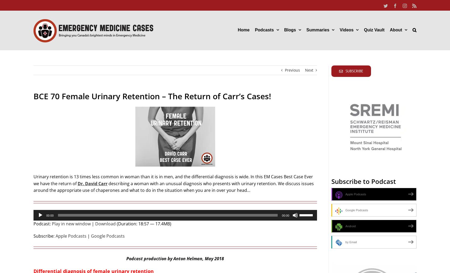 The height and width of the screenshot is (273, 450). Describe the element at coordinates (173, 180) in the screenshot. I see `'Urinary retention is 13 times less common in woman than it is in men, and the differential diagnosis is wide. In this EM Cases Best Case Ever we have the return of'` at that location.